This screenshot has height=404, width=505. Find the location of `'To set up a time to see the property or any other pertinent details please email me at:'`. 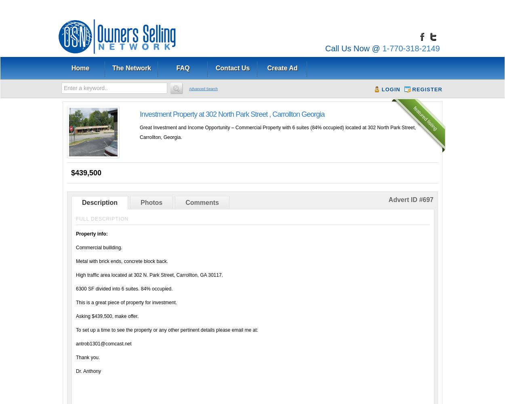

'To set up a time to see the property or any other pertinent details please email me at:' is located at coordinates (167, 330).